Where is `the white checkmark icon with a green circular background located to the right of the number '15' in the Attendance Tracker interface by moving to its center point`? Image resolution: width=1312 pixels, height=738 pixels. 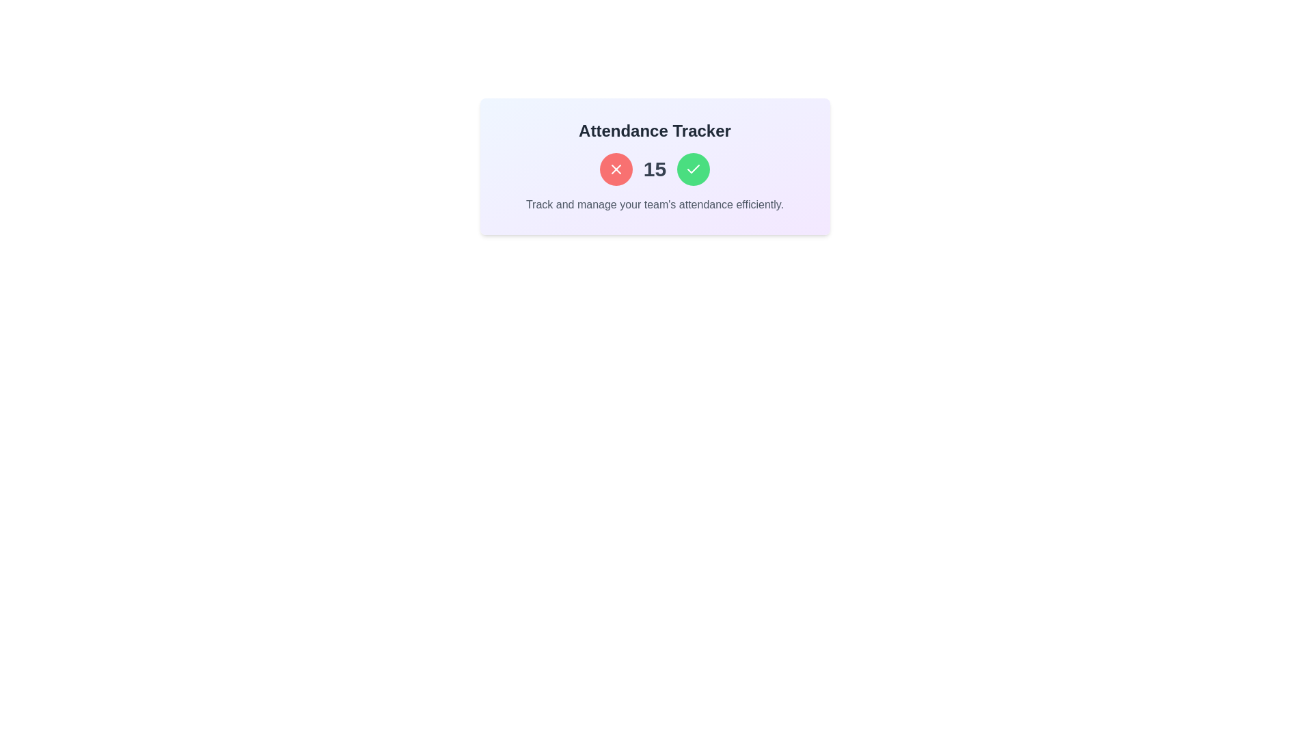 the white checkmark icon with a green circular background located to the right of the number '15' in the Attendance Tracker interface by moving to its center point is located at coordinates (694, 168).